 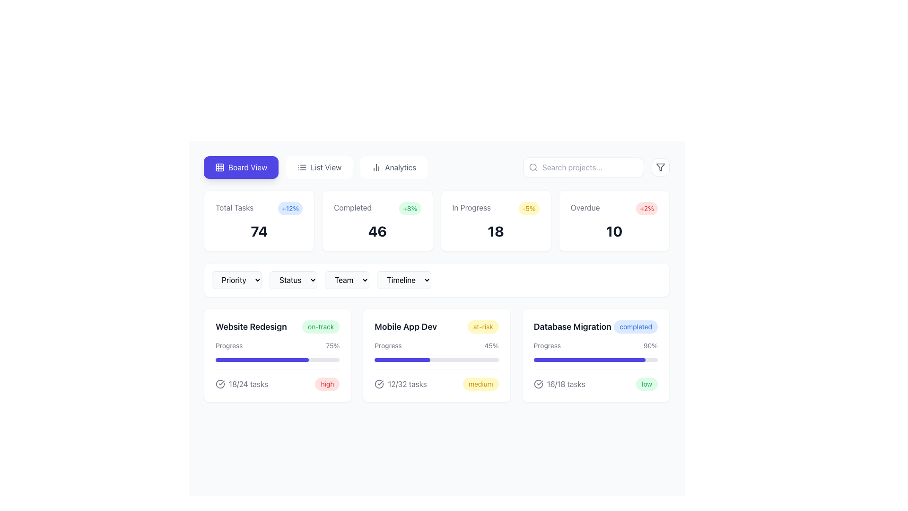 What do you see at coordinates (483, 326) in the screenshot?
I see `the 'at-risk' status label located to the right of the 'Mobile App Dev' title in the second row of content cards` at bounding box center [483, 326].